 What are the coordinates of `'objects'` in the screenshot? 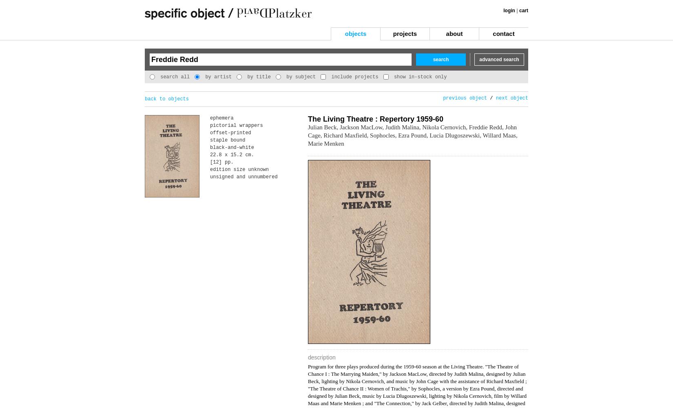 It's located at (355, 33).